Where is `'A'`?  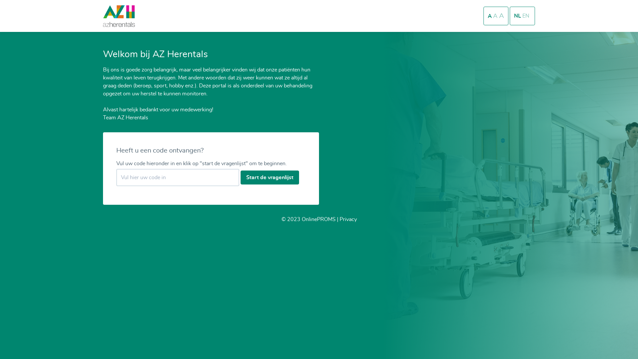 'A' is located at coordinates (493, 16).